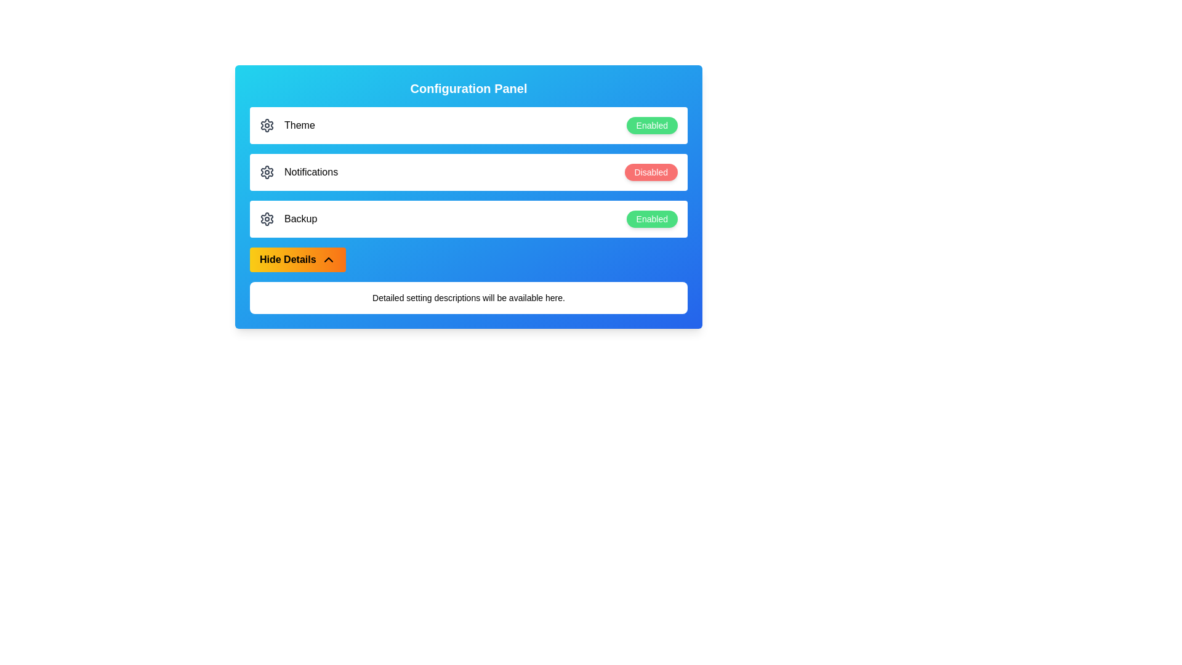  Describe the element at coordinates (297, 259) in the screenshot. I see `'Hide Details' button to toggle the details section` at that location.